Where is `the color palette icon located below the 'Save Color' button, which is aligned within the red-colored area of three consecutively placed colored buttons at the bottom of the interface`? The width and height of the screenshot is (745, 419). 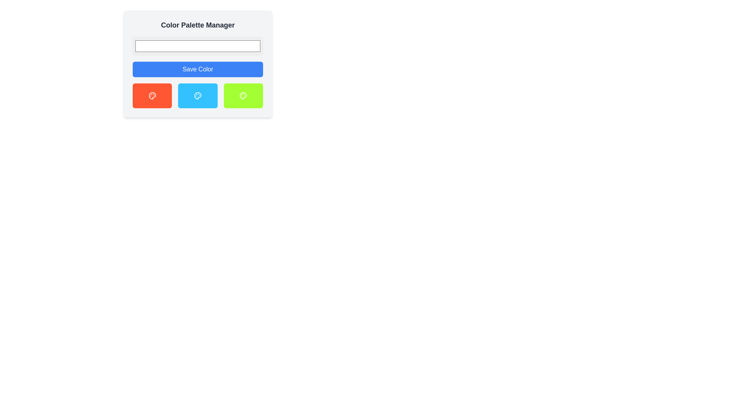
the color palette icon located below the 'Save Color' button, which is aligned within the red-colored area of three consecutively placed colored buttons at the bottom of the interface is located at coordinates (152, 95).